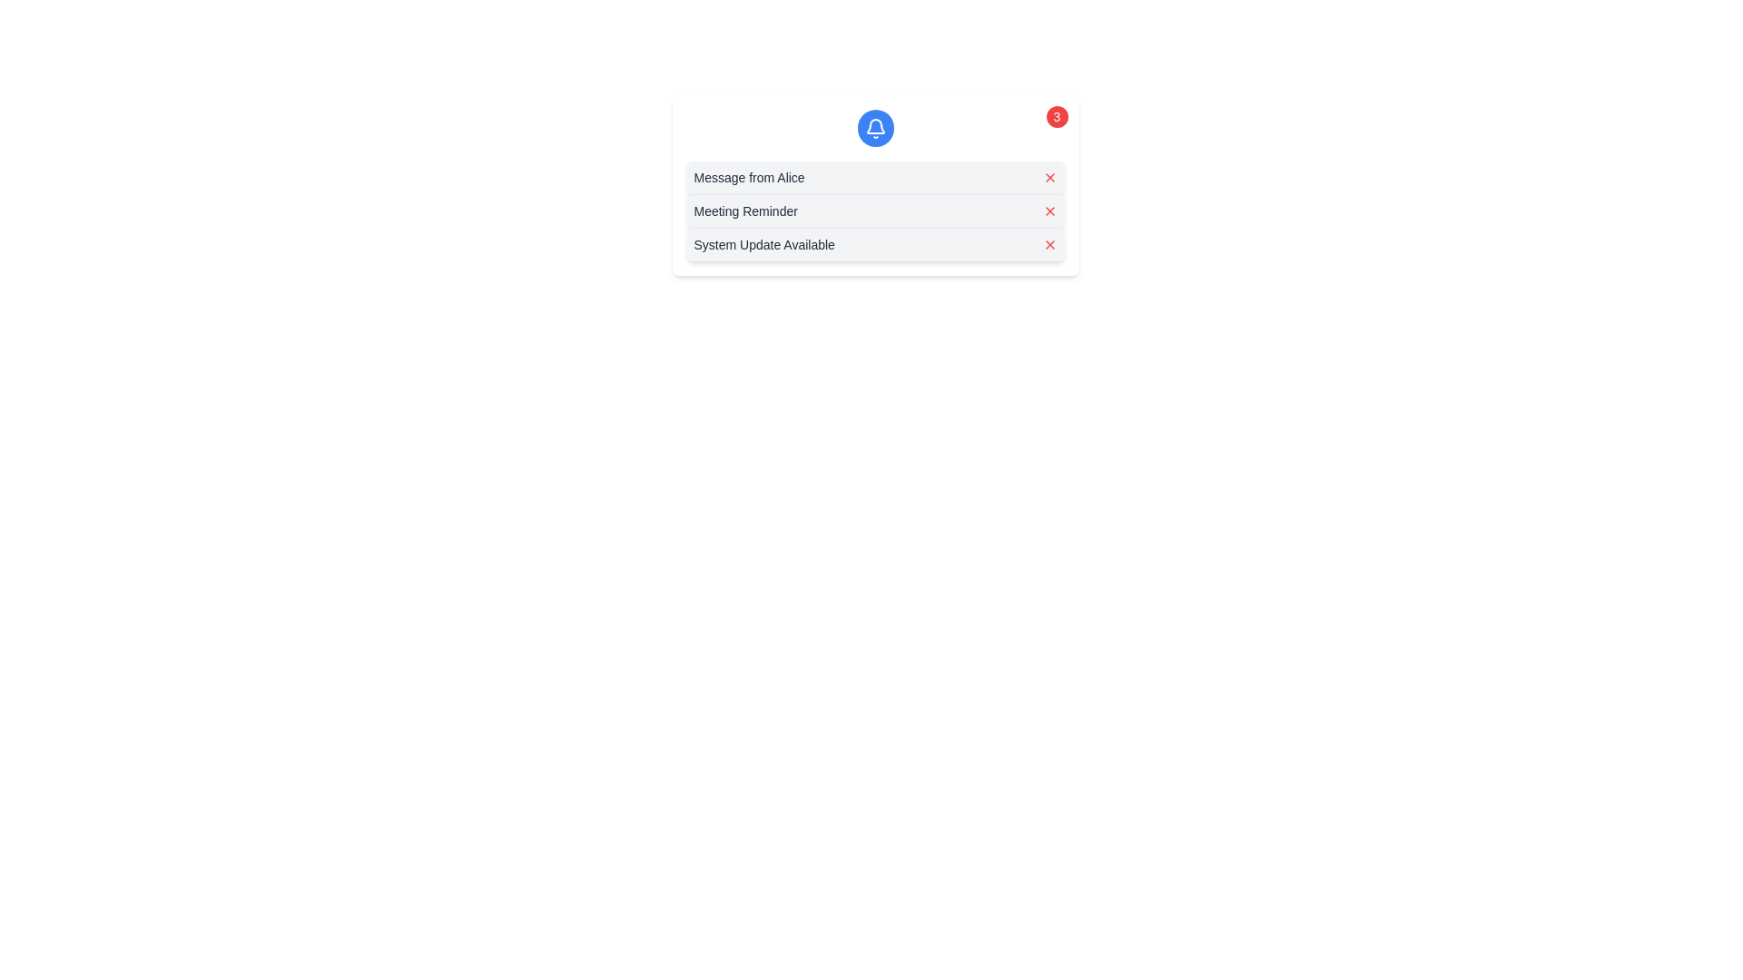 This screenshot has height=980, width=1743. What do you see at coordinates (875, 125) in the screenshot?
I see `the bell-shaped icon` at bounding box center [875, 125].